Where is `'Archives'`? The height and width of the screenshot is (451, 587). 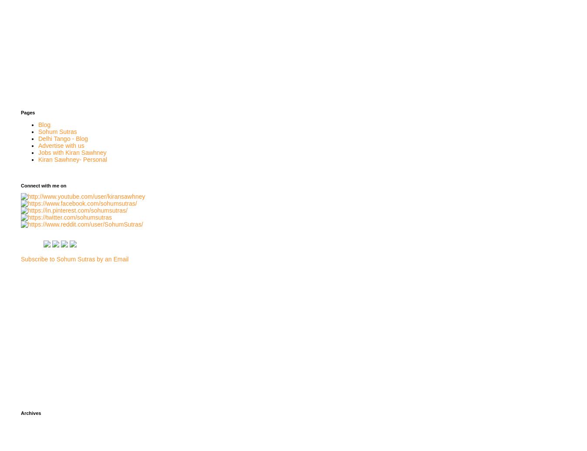 'Archives' is located at coordinates (30, 412).